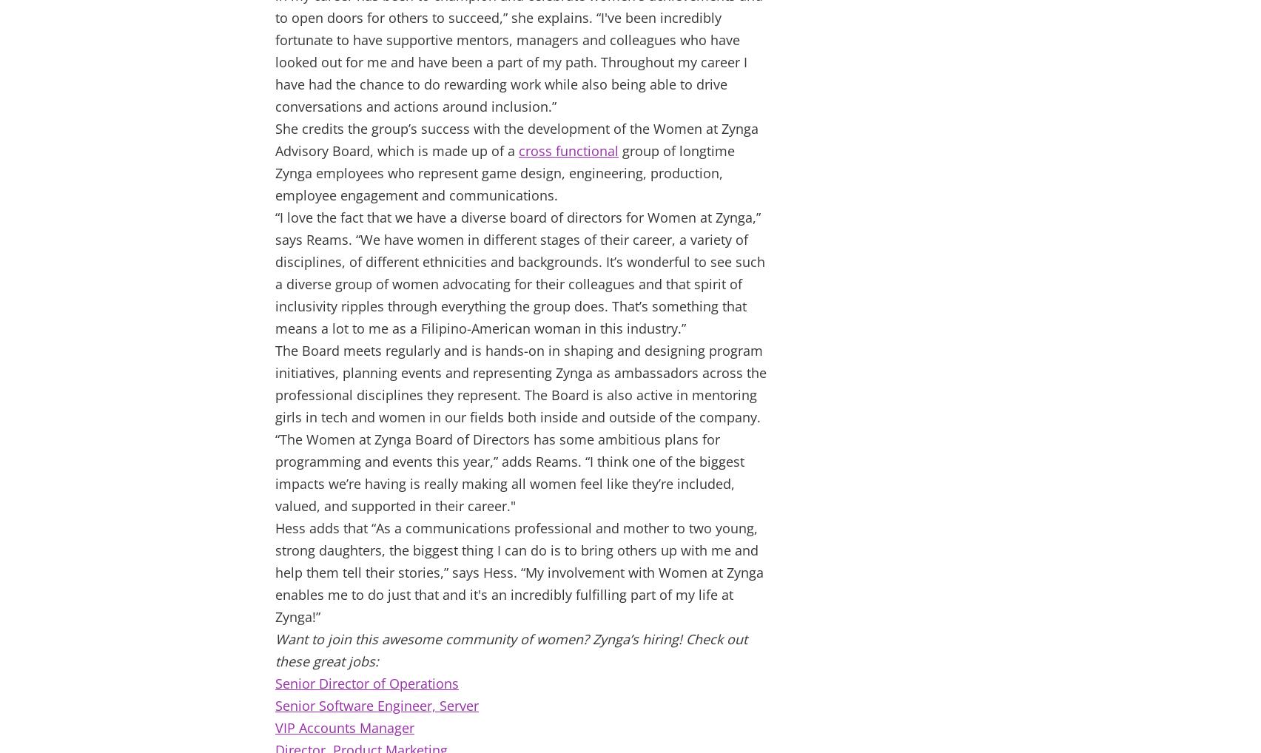 This screenshot has width=1261, height=753. I want to click on 'cross functional', so click(568, 150).